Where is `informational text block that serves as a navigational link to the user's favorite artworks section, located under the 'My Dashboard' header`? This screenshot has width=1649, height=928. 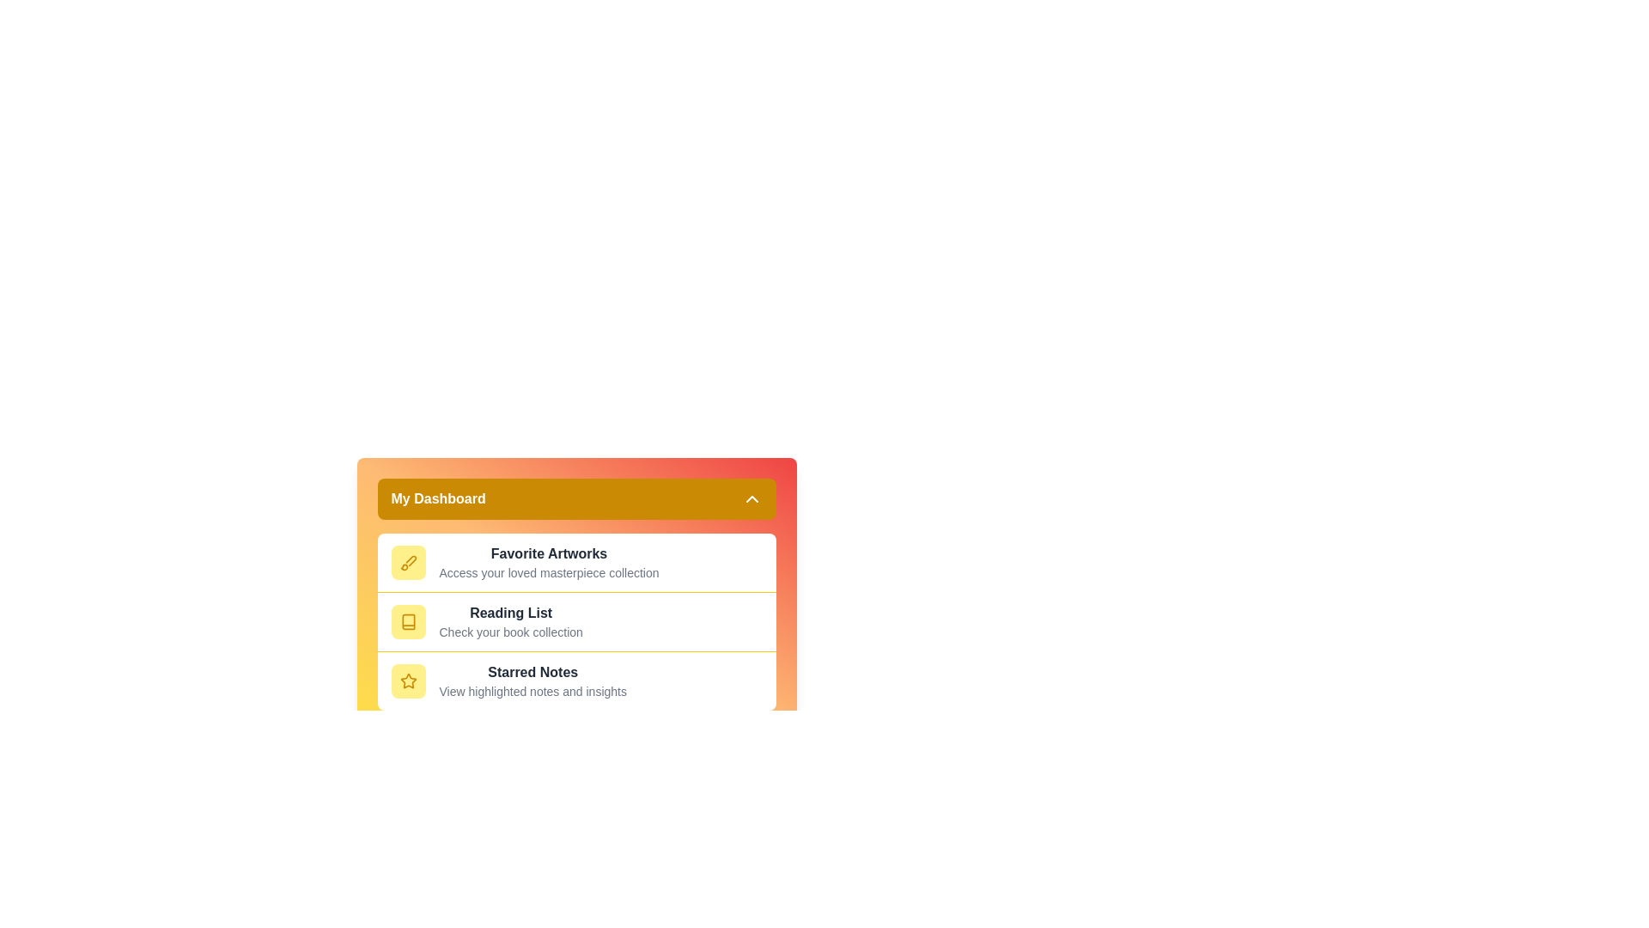 informational text block that serves as a navigational link to the user's favorite artworks section, located under the 'My Dashboard' header is located at coordinates (548, 563).